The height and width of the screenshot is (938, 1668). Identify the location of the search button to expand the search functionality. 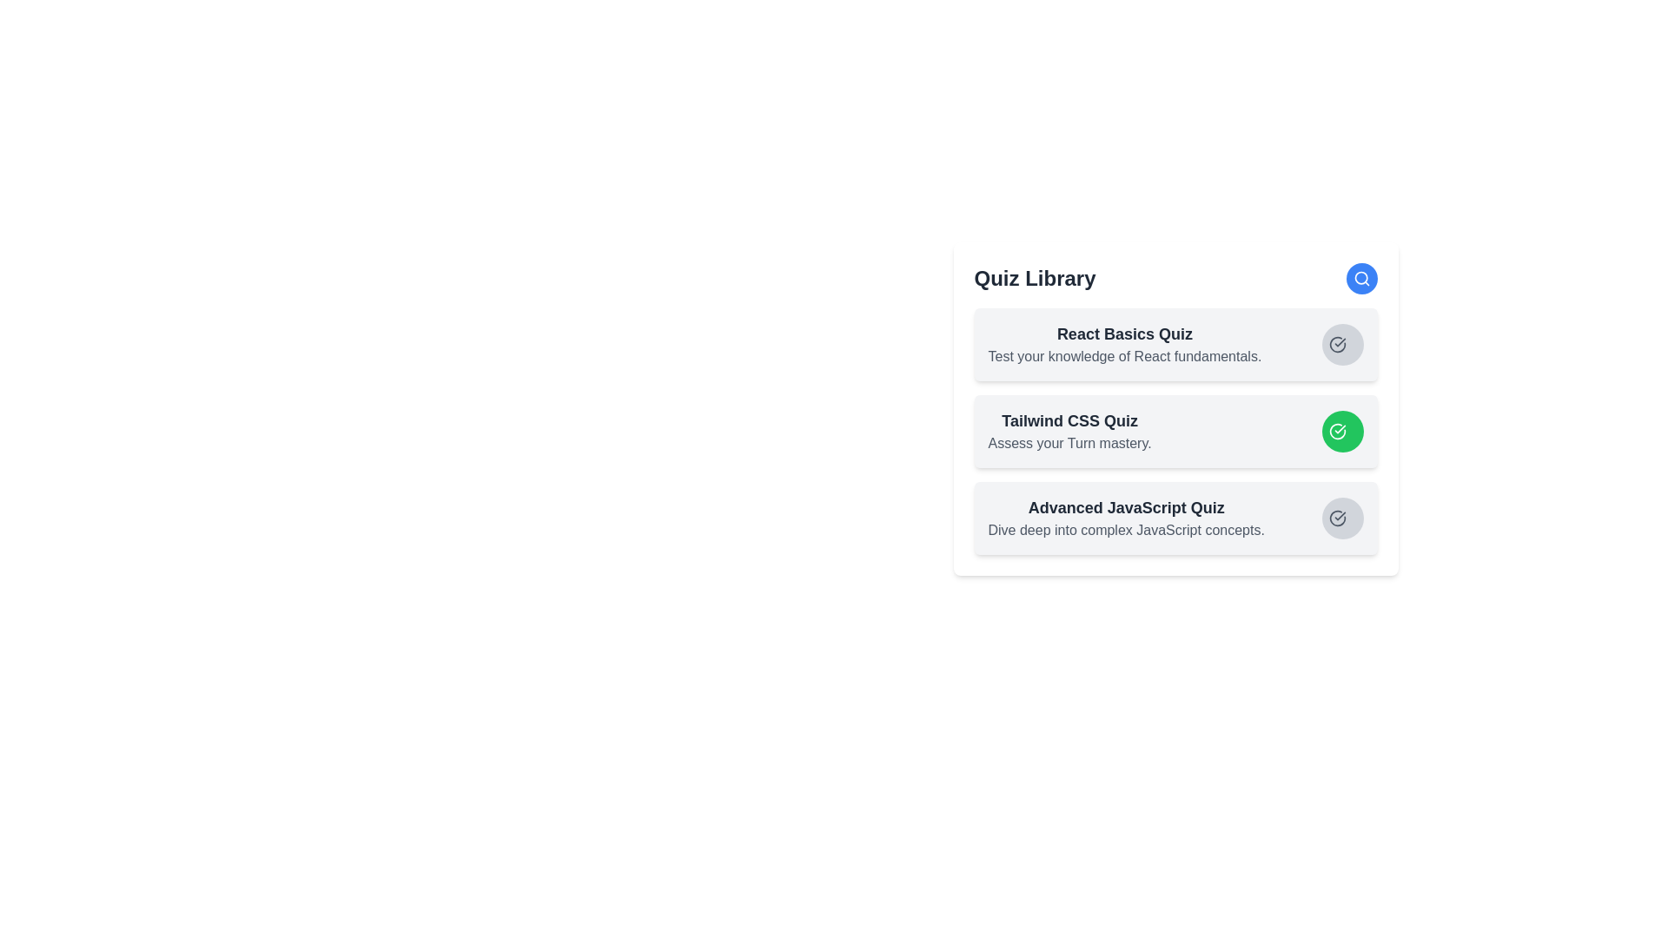
(1360, 277).